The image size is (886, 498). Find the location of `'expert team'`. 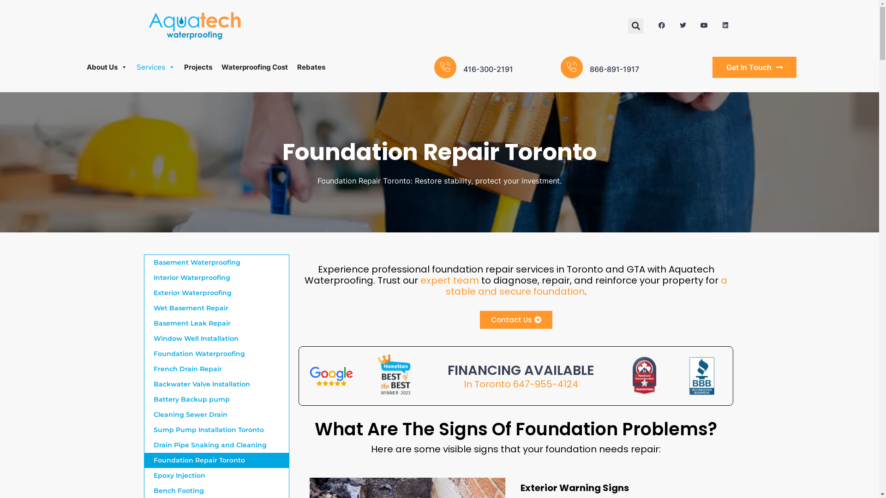

'expert team' is located at coordinates (420, 280).